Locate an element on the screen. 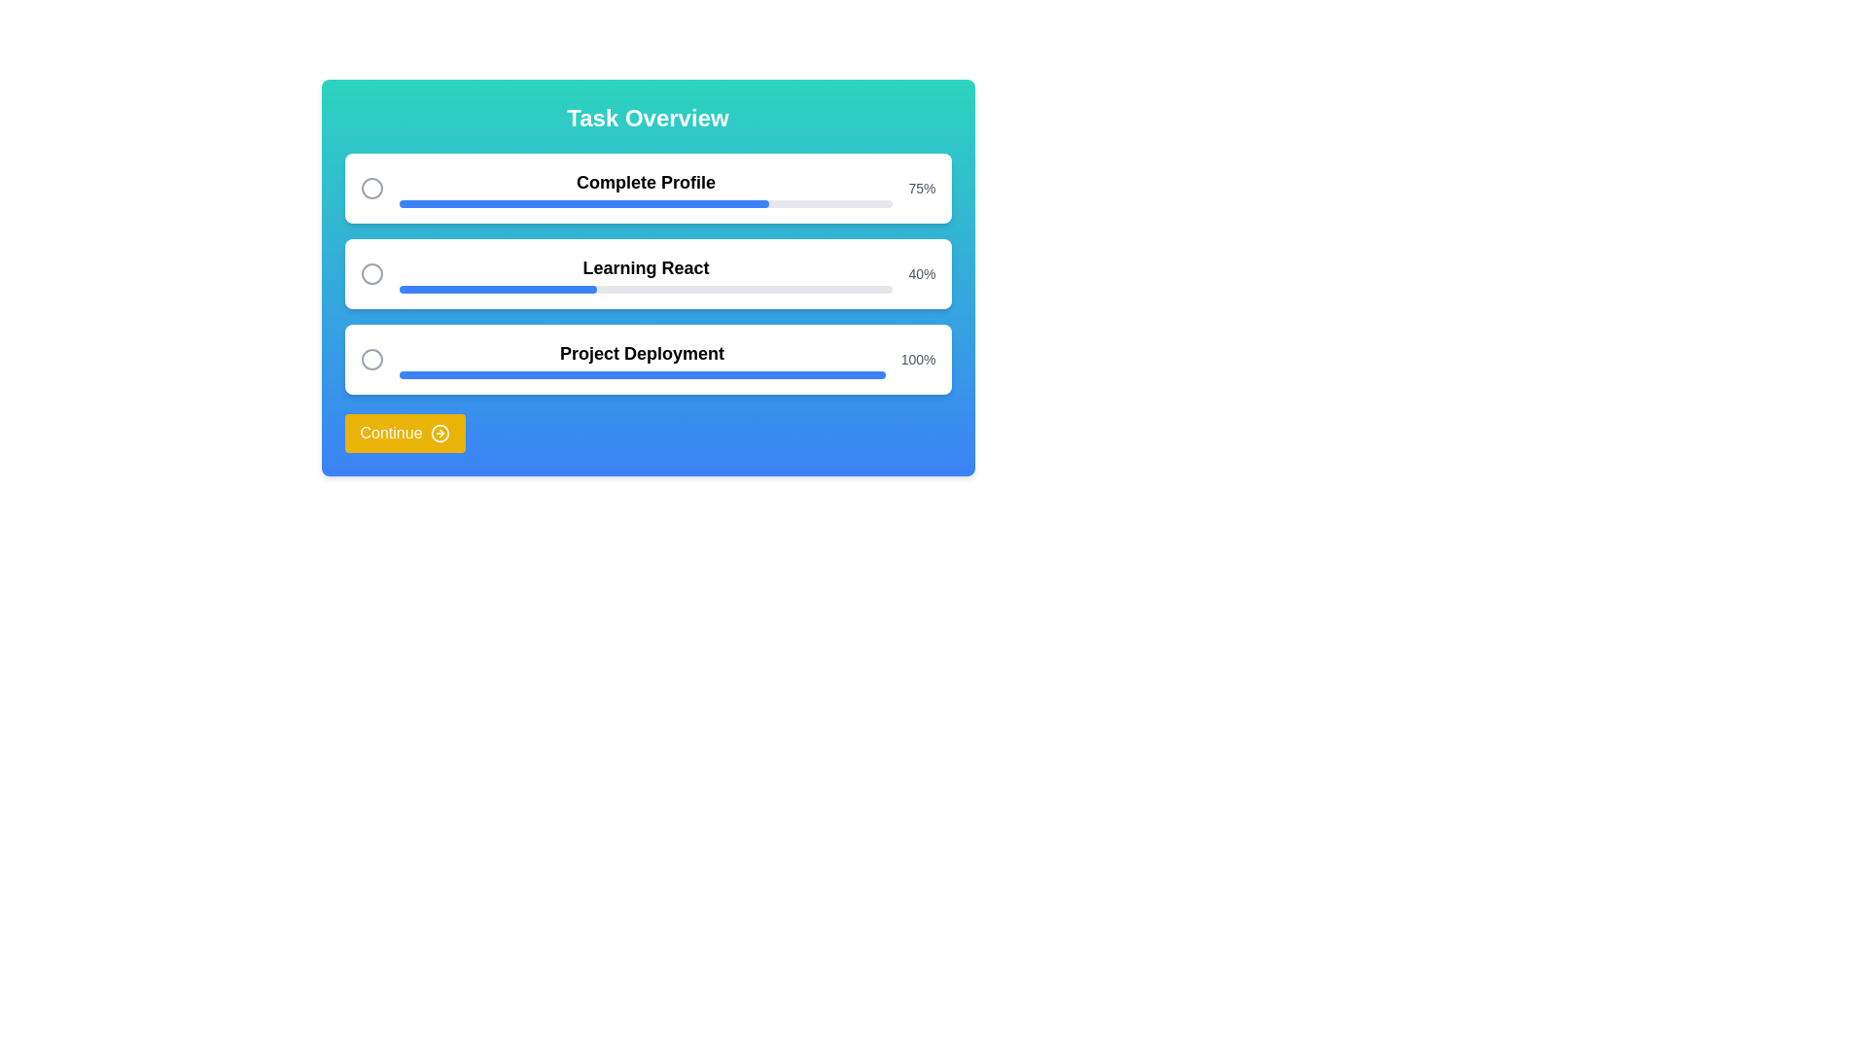 This screenshot has width=1867, height=1050. the circular icon associated with the task 'Learning React' is located at coordinates (371, 273).